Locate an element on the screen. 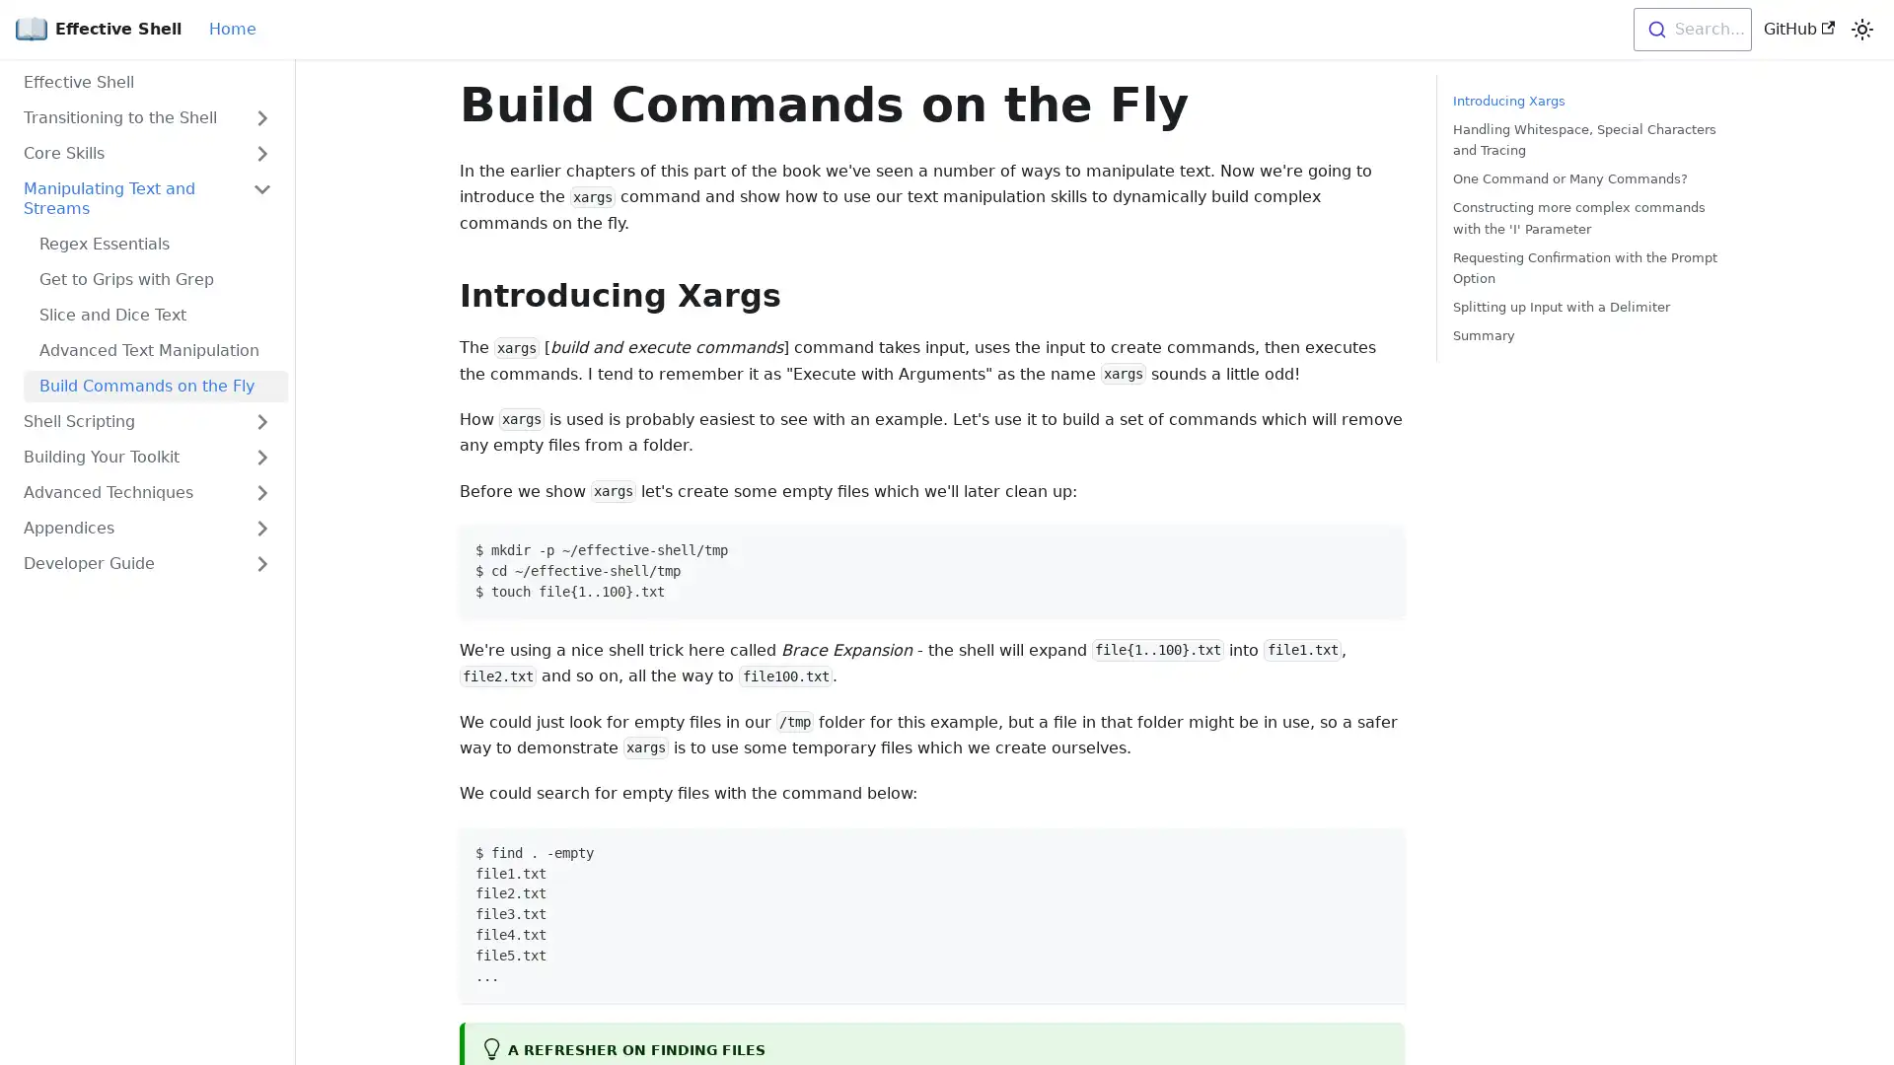 This screenshot has height=1065, width=1894. Copy code to clipboard is located at coordinates (1379, 849).